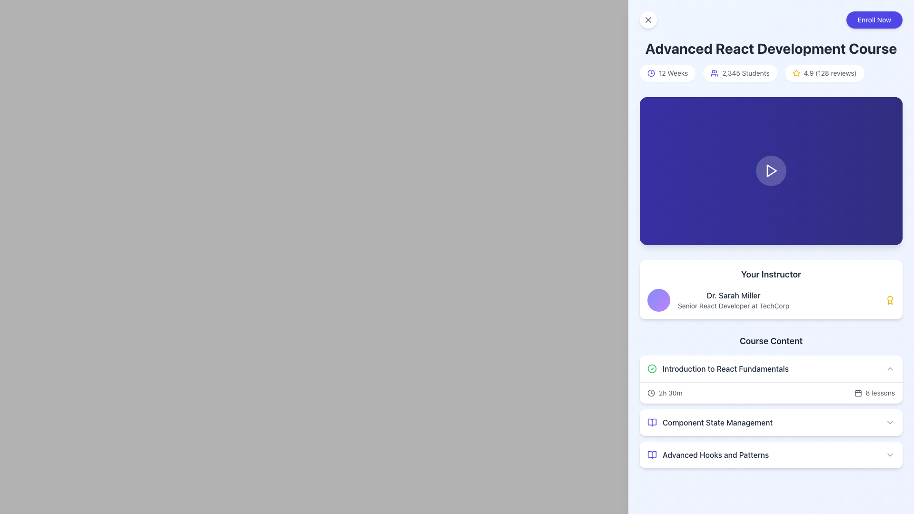 The image size is (914, 514). Describe the element at coordinates (796, 72) in the screenshot. I see `the rating icon located to the right of the header text 'Advanced React Development Course', aligned with the rating text '4.9 (128 reviews)'` at that location.